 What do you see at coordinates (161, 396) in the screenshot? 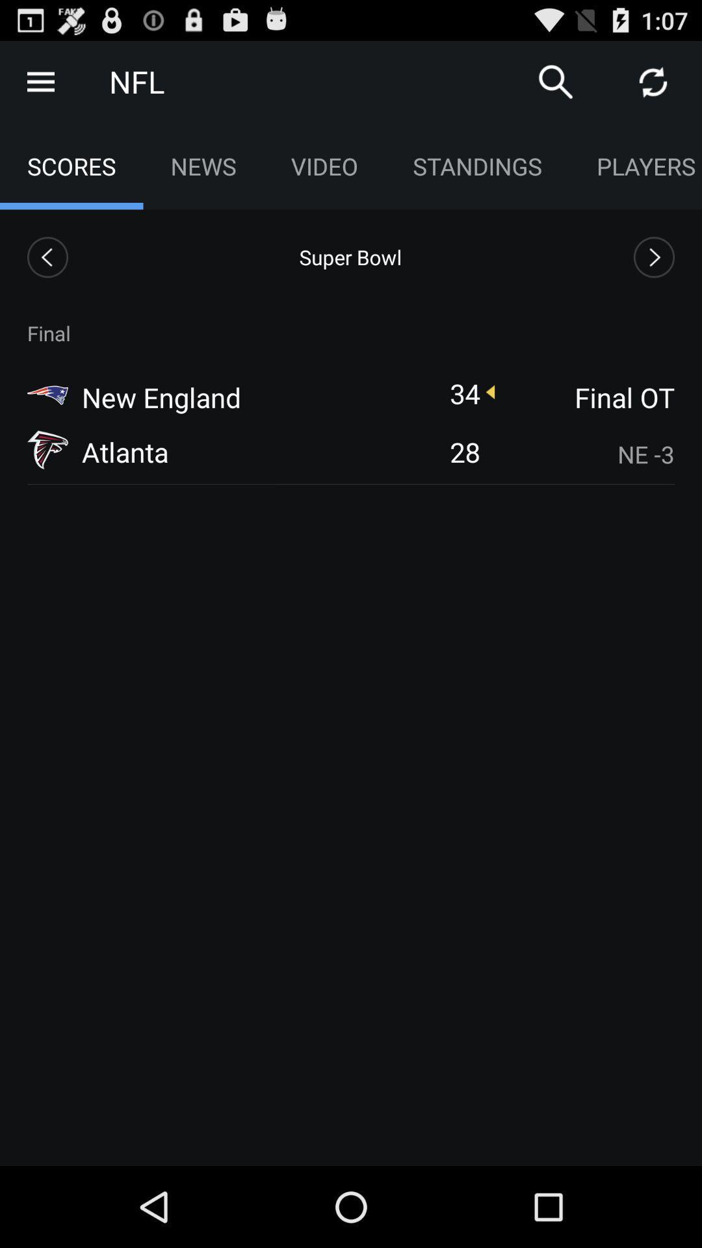
I see `icon above atlanta` at bounding box center [161, 396].